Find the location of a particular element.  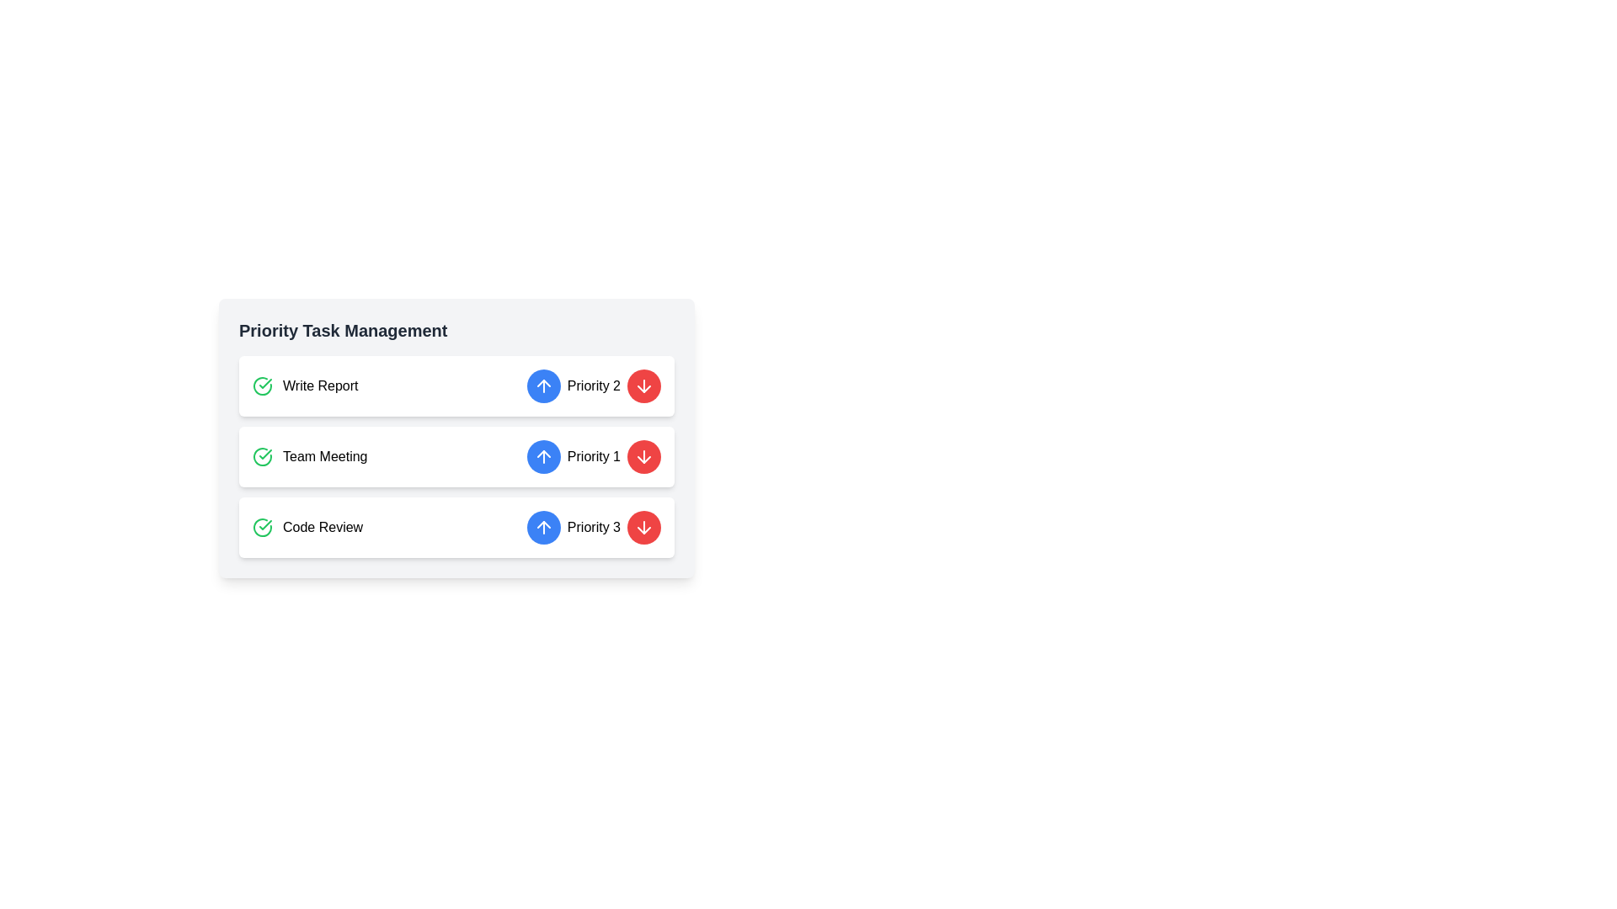

the 'Priority 1' text label that is part of the 'Priority Task Management' section, located adjacent to the blue circular button with an upward arrow is located at coordinates (594, 457).